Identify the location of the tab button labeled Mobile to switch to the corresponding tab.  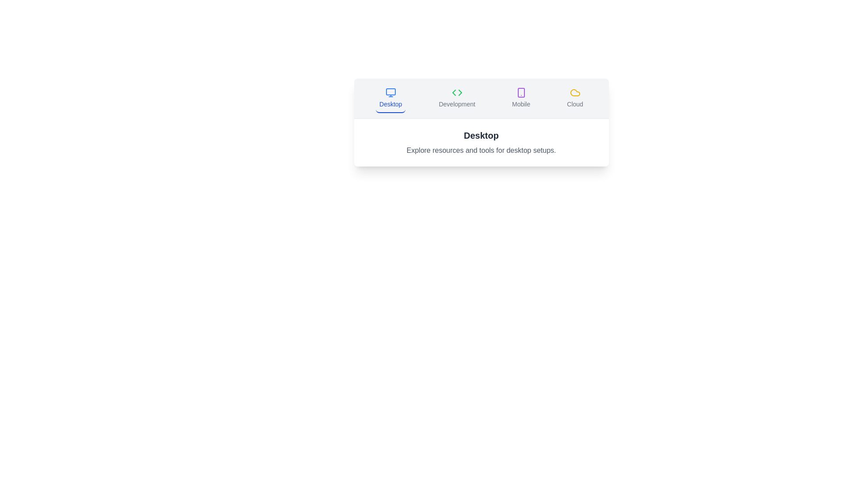
(521, 98).